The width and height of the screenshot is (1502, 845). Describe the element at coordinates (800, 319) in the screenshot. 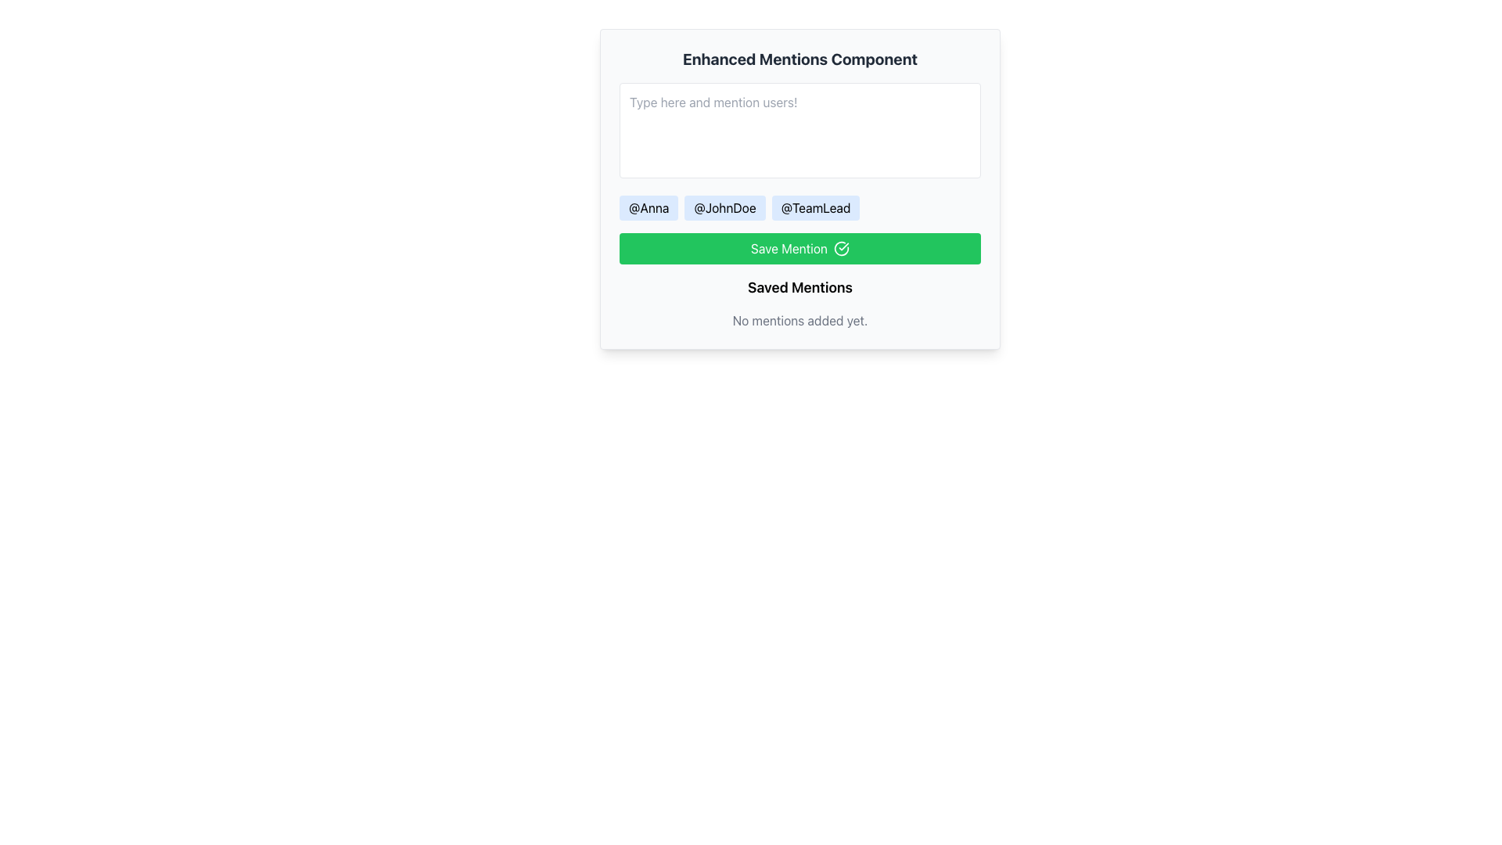

I see `the text label that indicates no mentions have been added yet within the 'Saved Mentions' section, positioned below the 'Saved Mentions' heading` at that location.